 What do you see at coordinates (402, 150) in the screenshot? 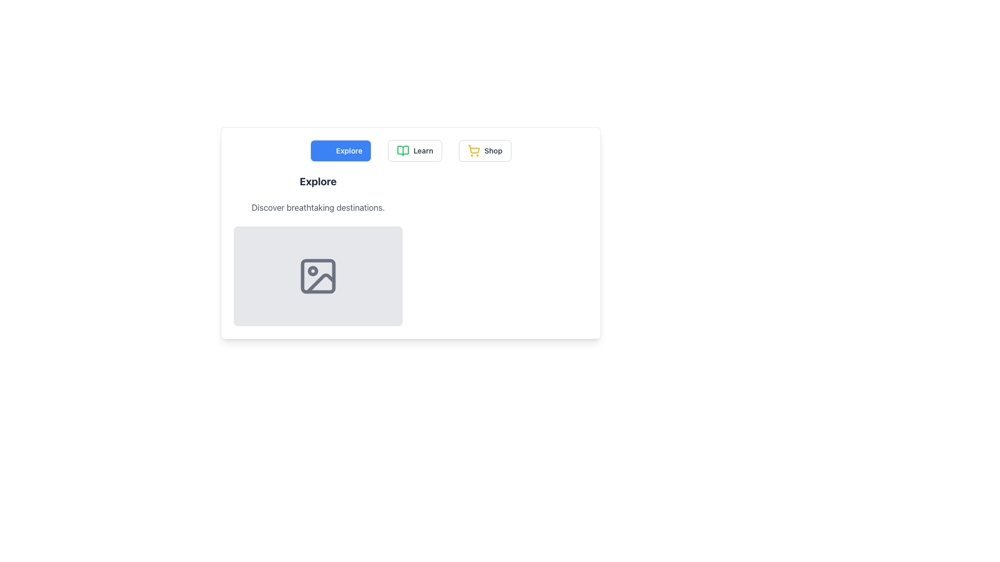
I see `the non-interactive book icon element located at the bottom part of the SVG graphic` at bounding box center [402, 150].